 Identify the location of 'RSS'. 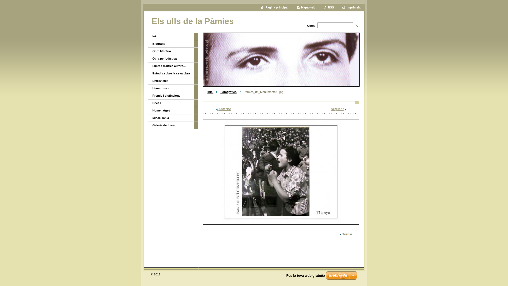
(328, 7).